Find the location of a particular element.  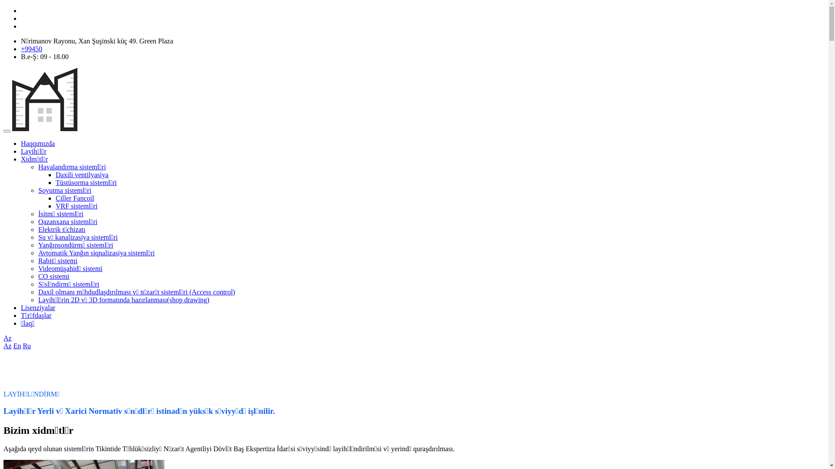

'En' is located at coordinates (17, 345).